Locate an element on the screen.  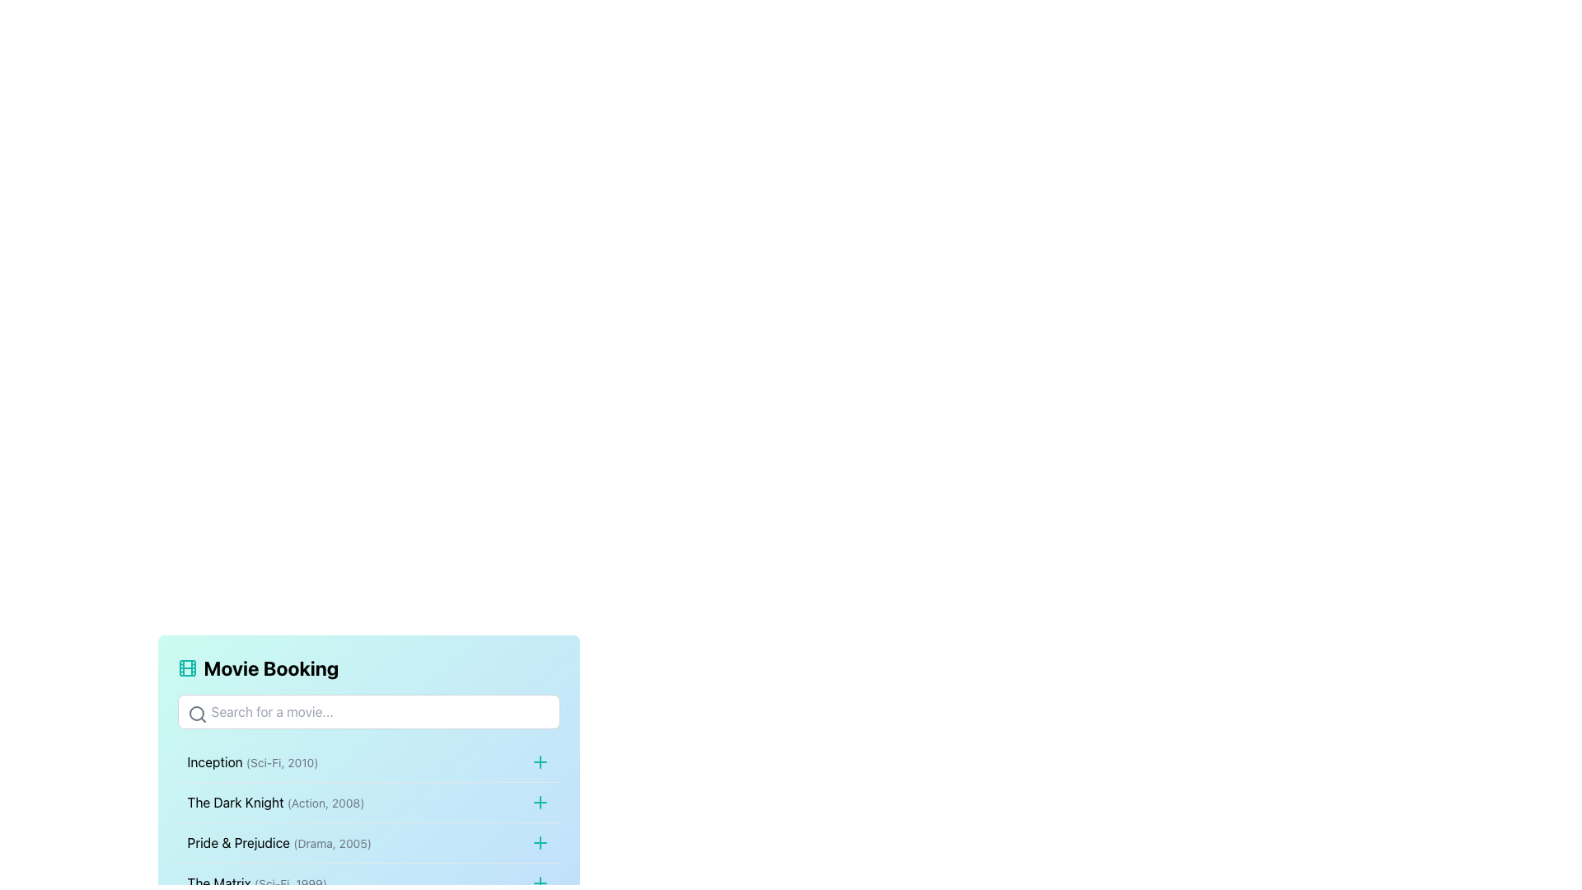
text label displaying '(Action, 2008)' styled in gray color, located to the right of 'The Dark Knight' in the movie listing is located at coordinates (325, 802).